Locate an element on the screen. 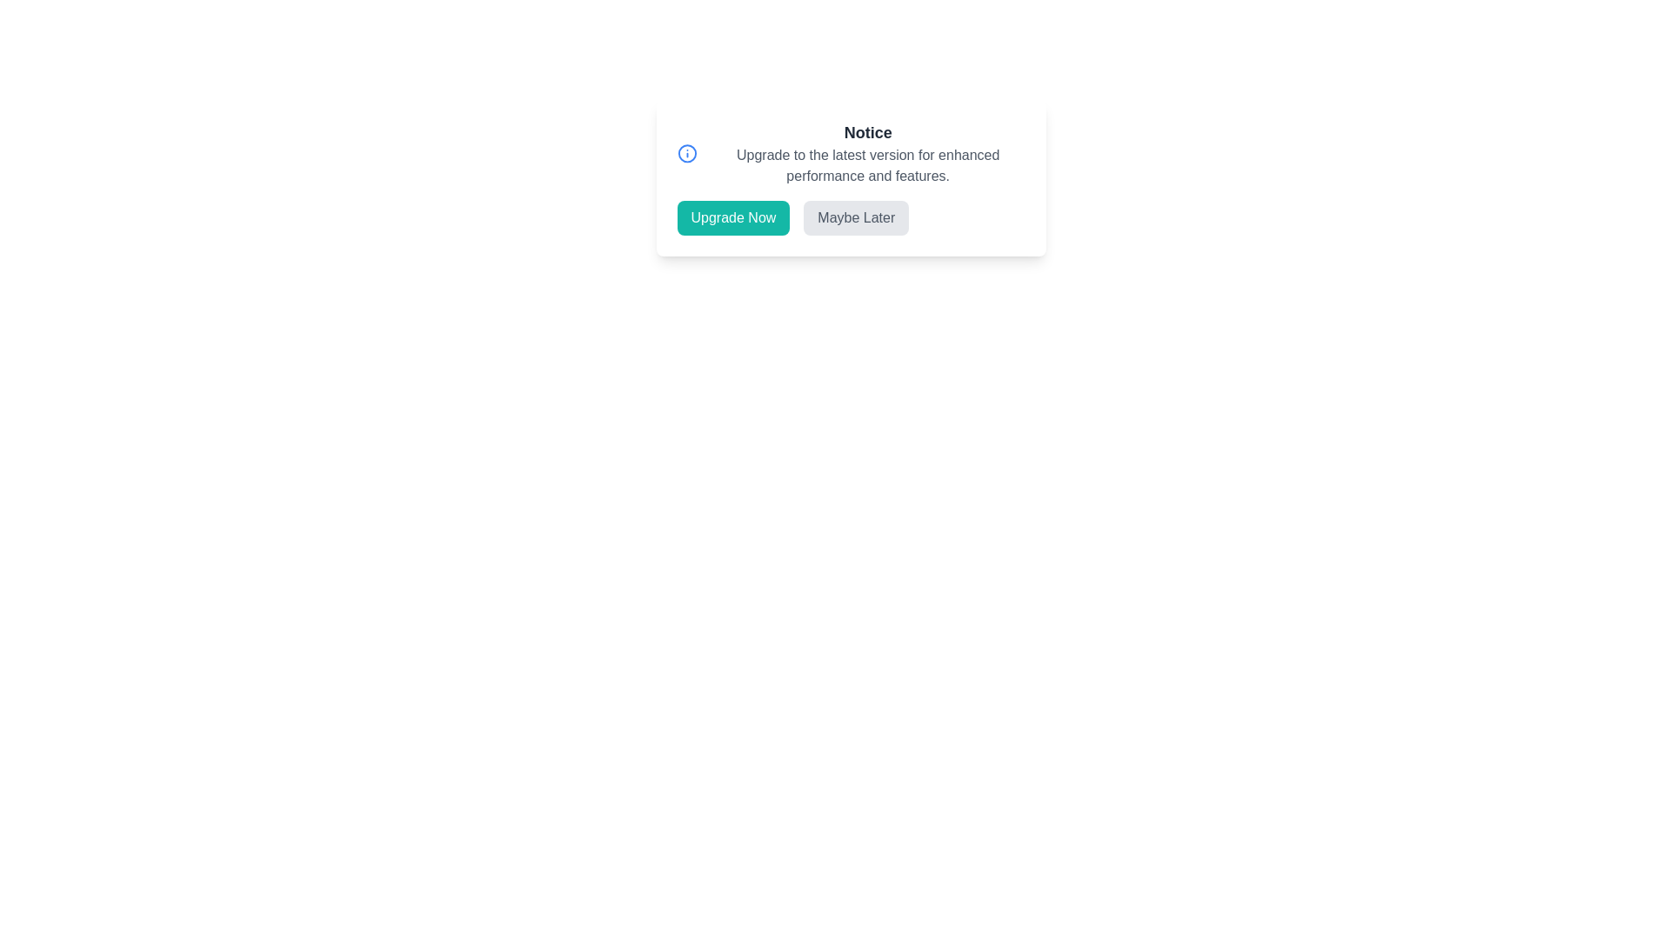 The height and width of the screenshot is (939, 1670). the informational text element located below the title 'Notice' and above the buttons 'Upgrade Now' and 'Maybe Later' is located at coordinates (868, 166).